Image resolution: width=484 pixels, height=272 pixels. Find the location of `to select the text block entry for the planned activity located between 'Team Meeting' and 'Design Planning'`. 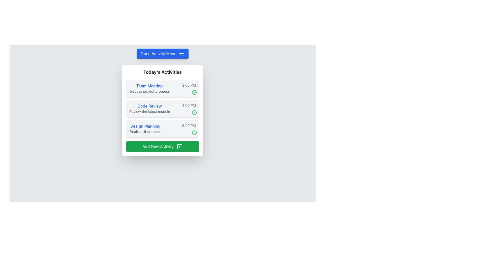

to select the text block entry for the planned activity located between 'Team Meeting' and 'Design Planning' is located at coordinates (149, 108).